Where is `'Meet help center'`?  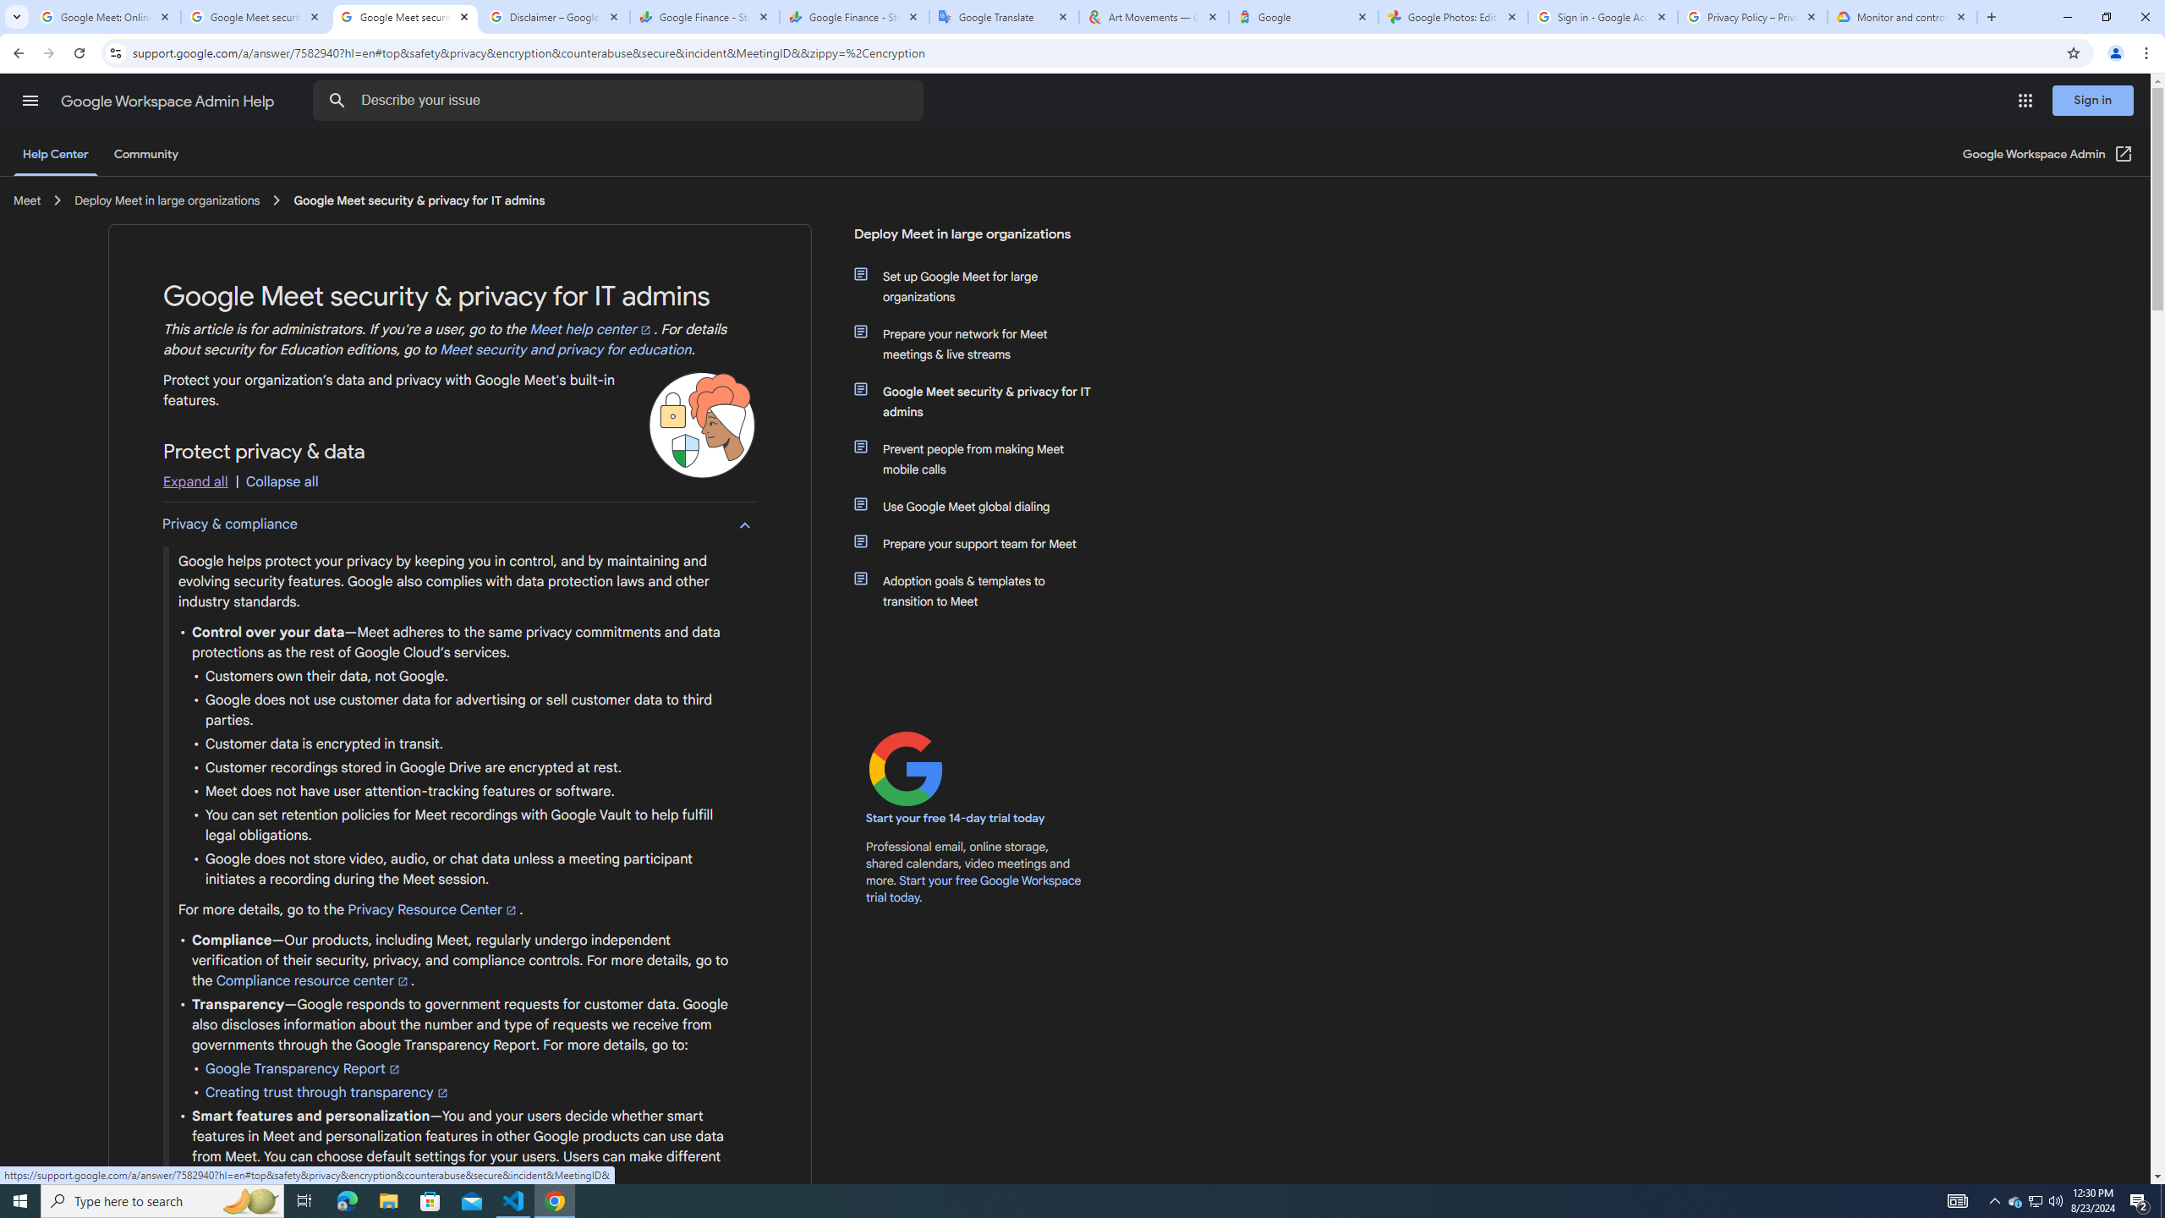 'Meet help center' is located at coordinates (592, 330).